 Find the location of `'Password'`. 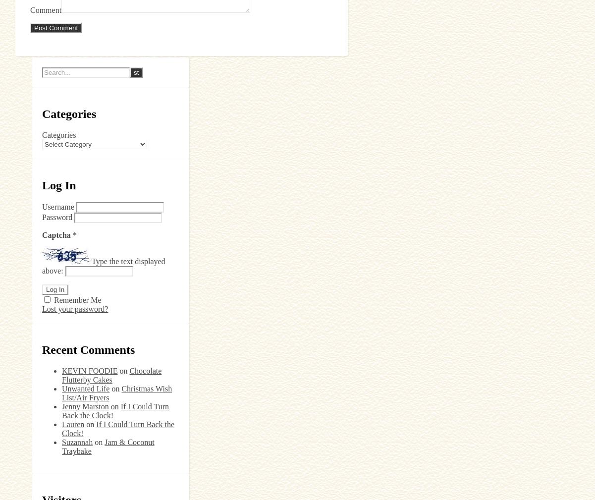

'Password' is located at coordinates (57, 216).